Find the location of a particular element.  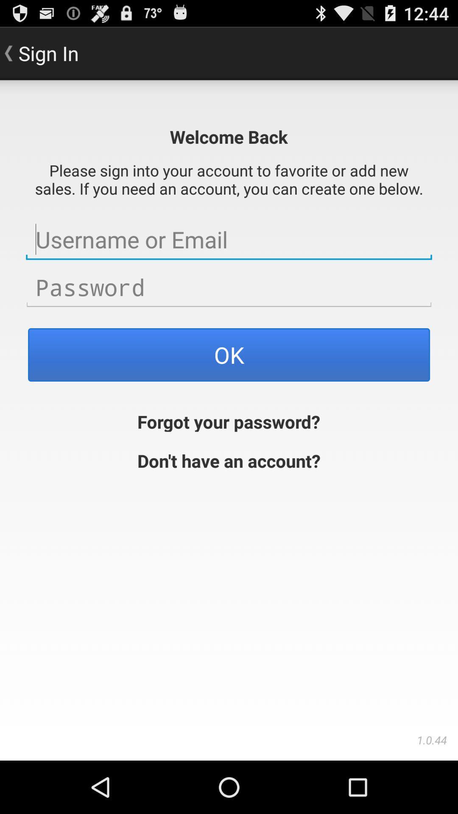

item below ok item is located at coordinates (228, 421).